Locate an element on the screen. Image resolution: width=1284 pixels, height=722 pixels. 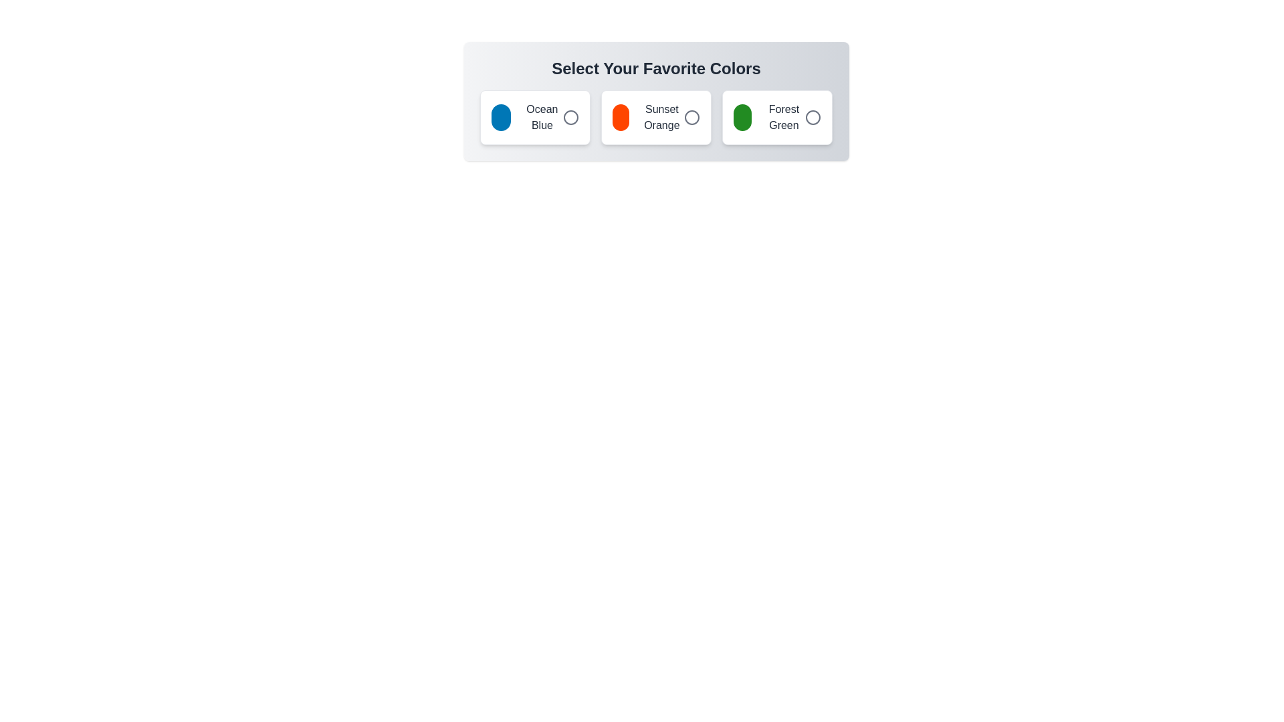
the label of the color Ocean Blue is located at coordinates (535, 117).